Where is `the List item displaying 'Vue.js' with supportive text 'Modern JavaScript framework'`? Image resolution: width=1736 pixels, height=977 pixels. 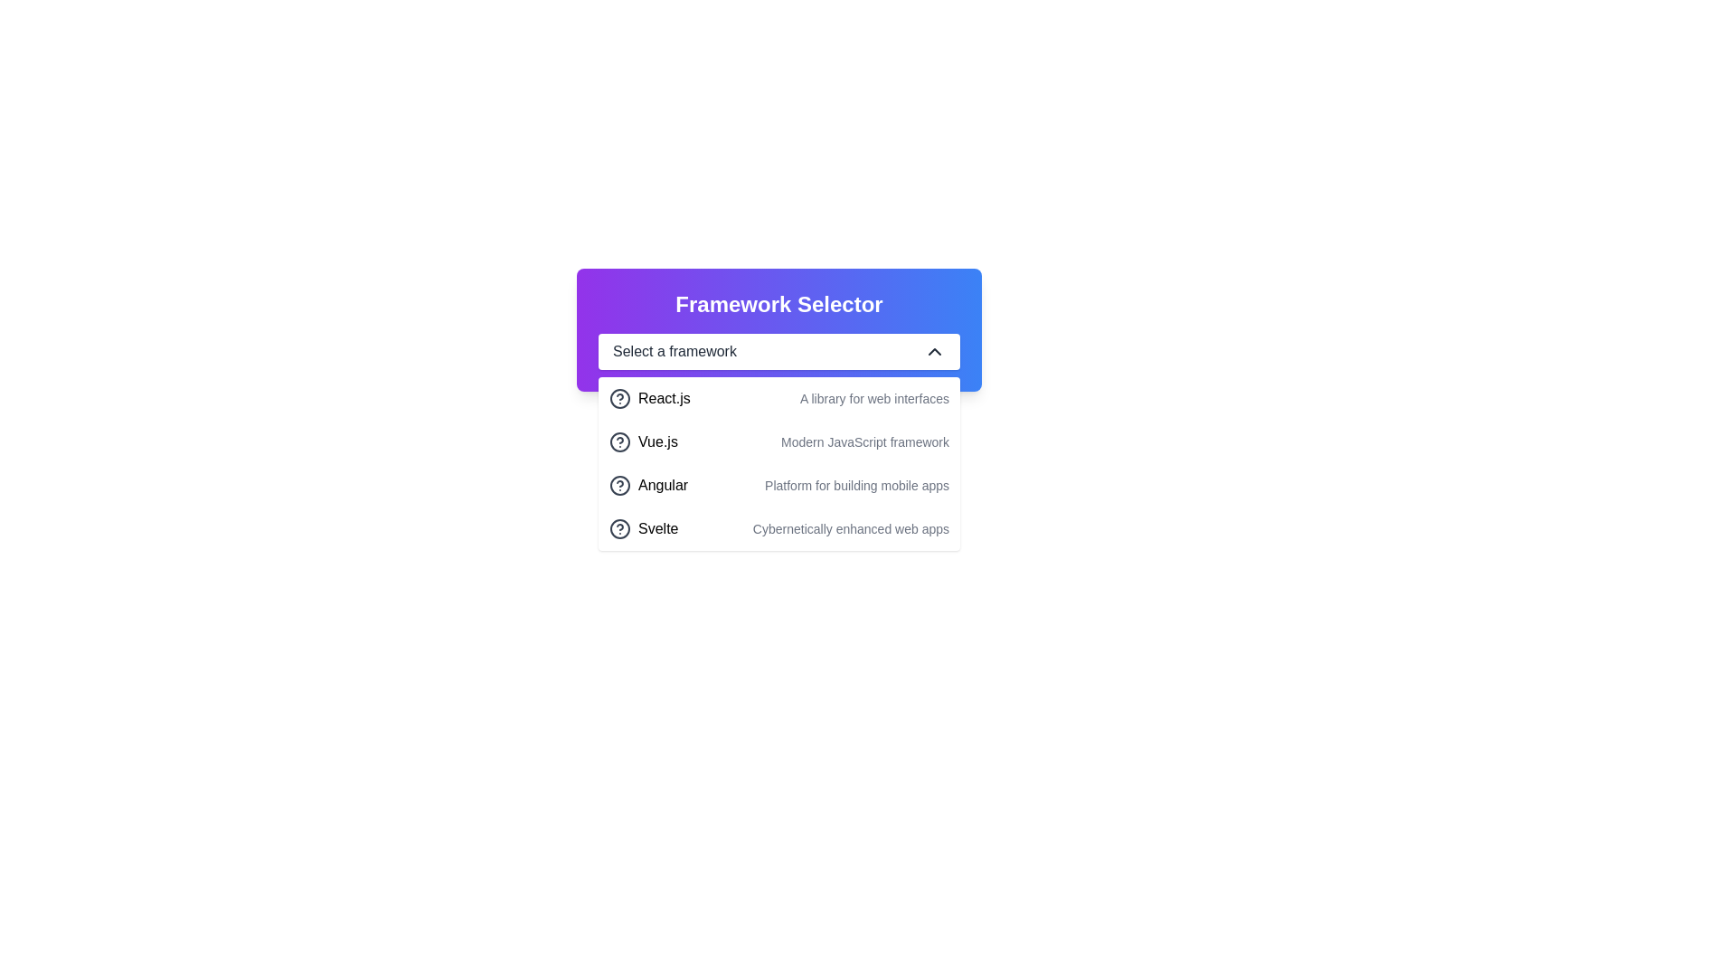
the List item displaying 'Vue.js' with supportive text 'Modern JavaScript framework' is located at coordinates (779, 442).